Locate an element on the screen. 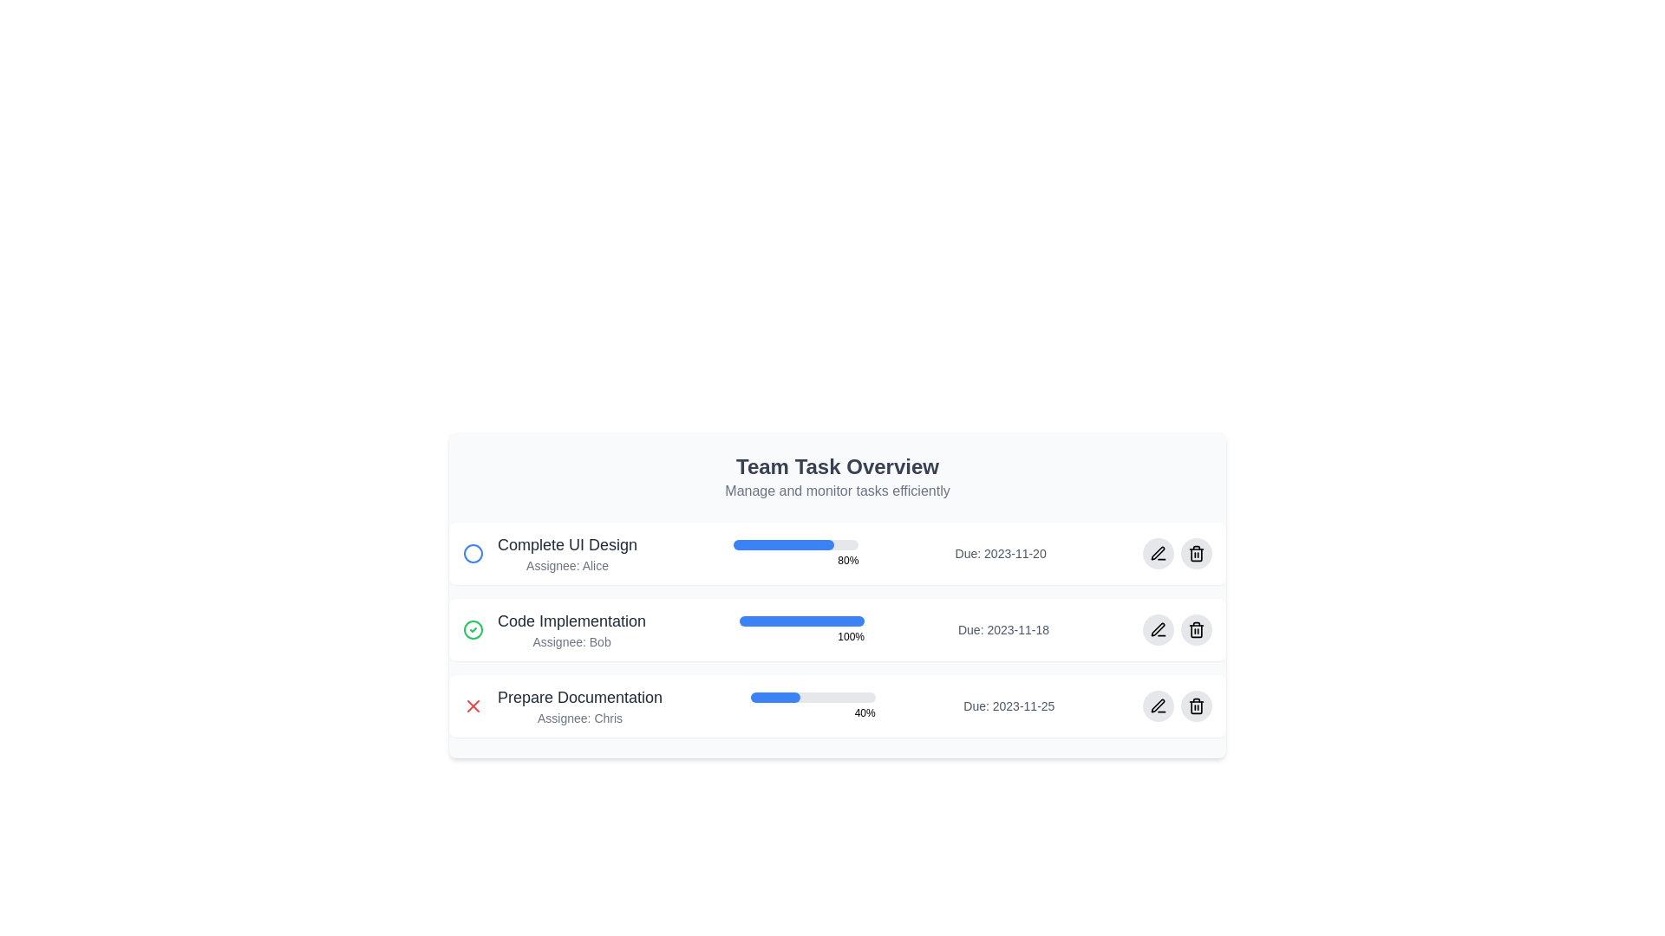 The image size is (1665, 936). the text label displaying 'Prepare Documentation', which is styled in a medium gray font and serves as a title in the task entry for the task assigned to 'Chris' is located at coordinates (580, 697).